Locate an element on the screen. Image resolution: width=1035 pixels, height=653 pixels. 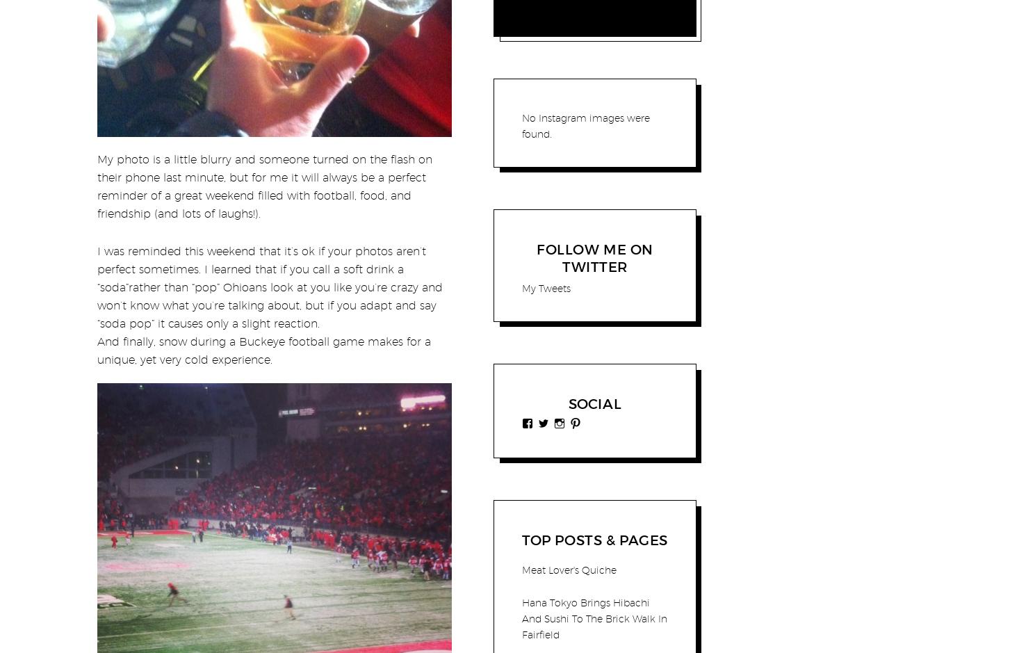
'Food For Thought: Penny Candy And A Corner Store' is located at coordinates (786, 314).